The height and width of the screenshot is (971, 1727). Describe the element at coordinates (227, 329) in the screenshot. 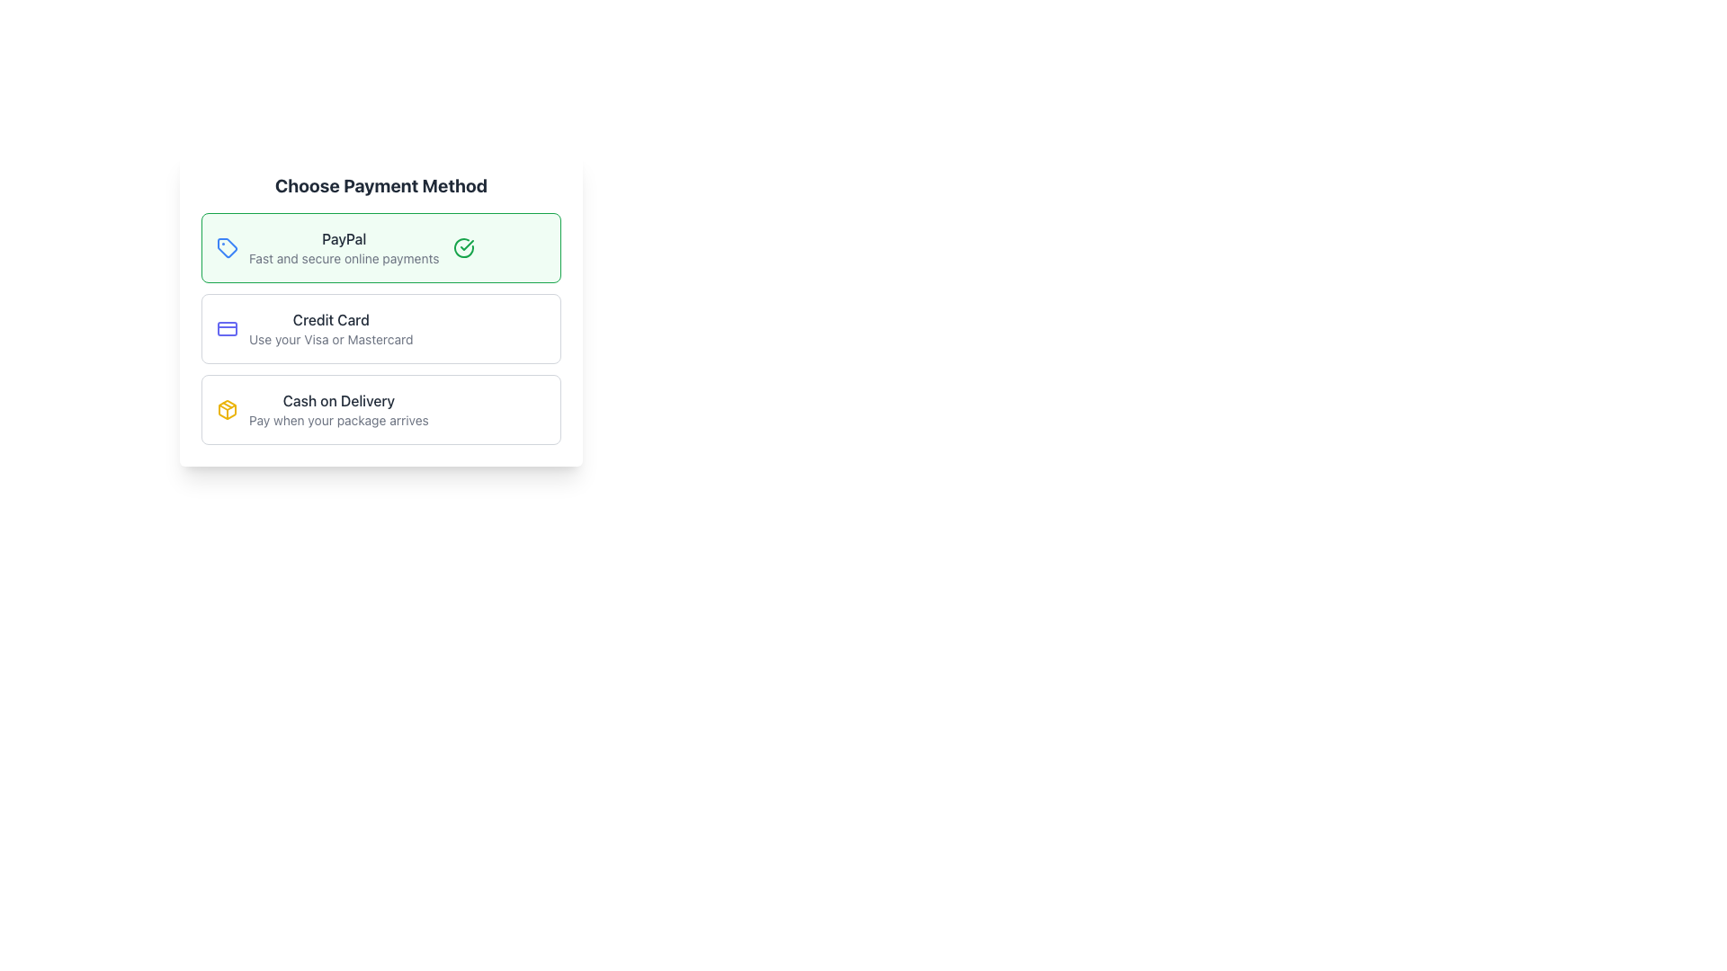

I see `SVG-based rectangle with rounded corners representing the 'Credit Card' option located in the second row of payment method options` at that location.